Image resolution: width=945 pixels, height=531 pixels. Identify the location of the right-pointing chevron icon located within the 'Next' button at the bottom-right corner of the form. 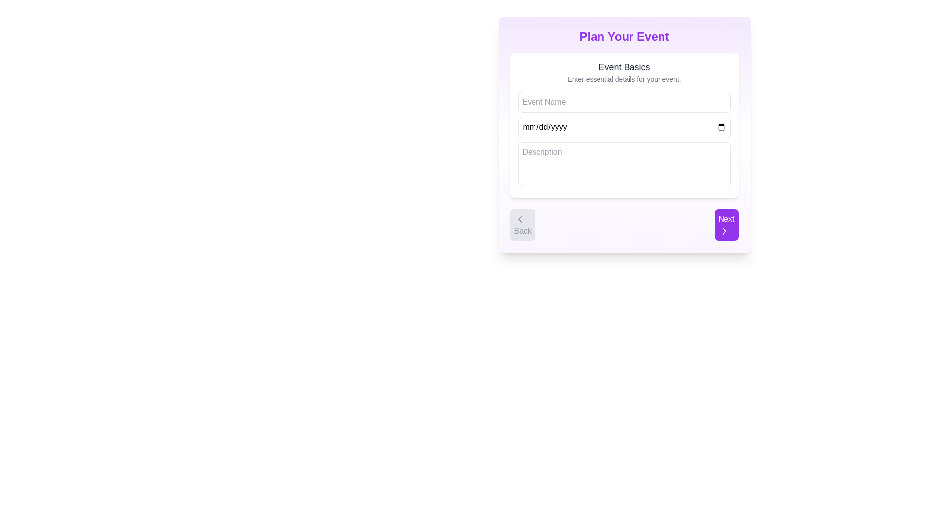
(724, 231).